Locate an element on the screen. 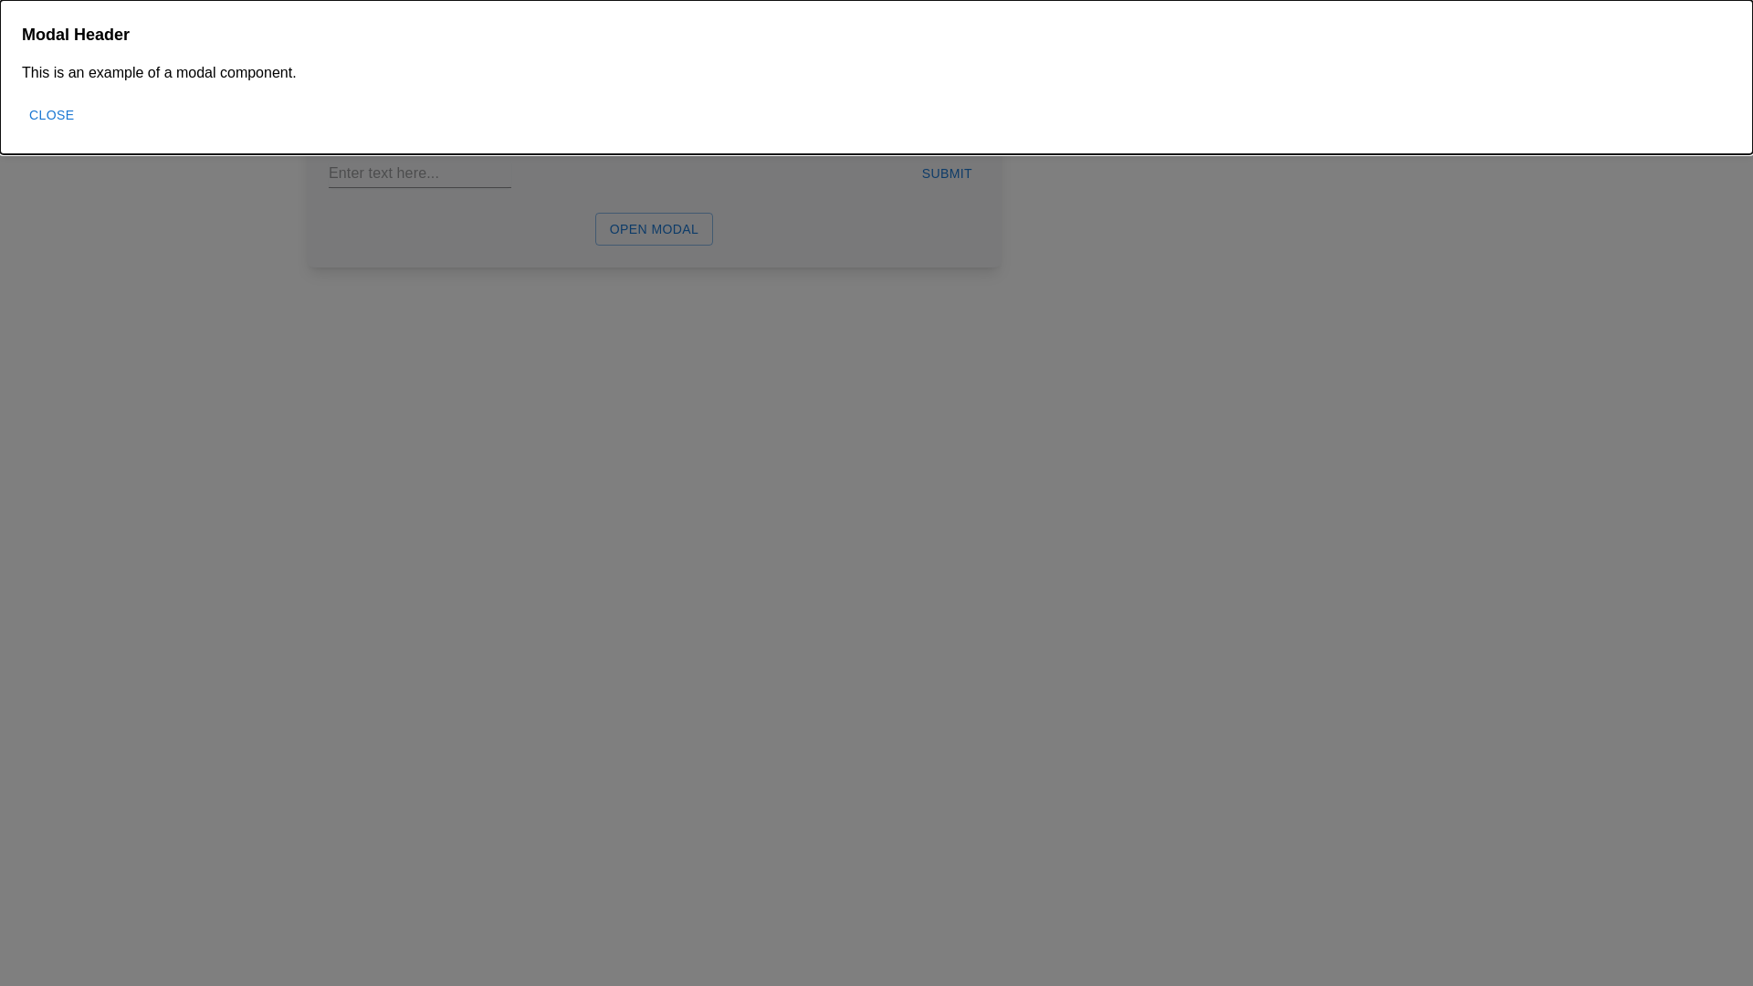 The image size is (1753, 986). the 'Open Modal' button with rounded edges located below the input field is located at coordinates (654, 217).